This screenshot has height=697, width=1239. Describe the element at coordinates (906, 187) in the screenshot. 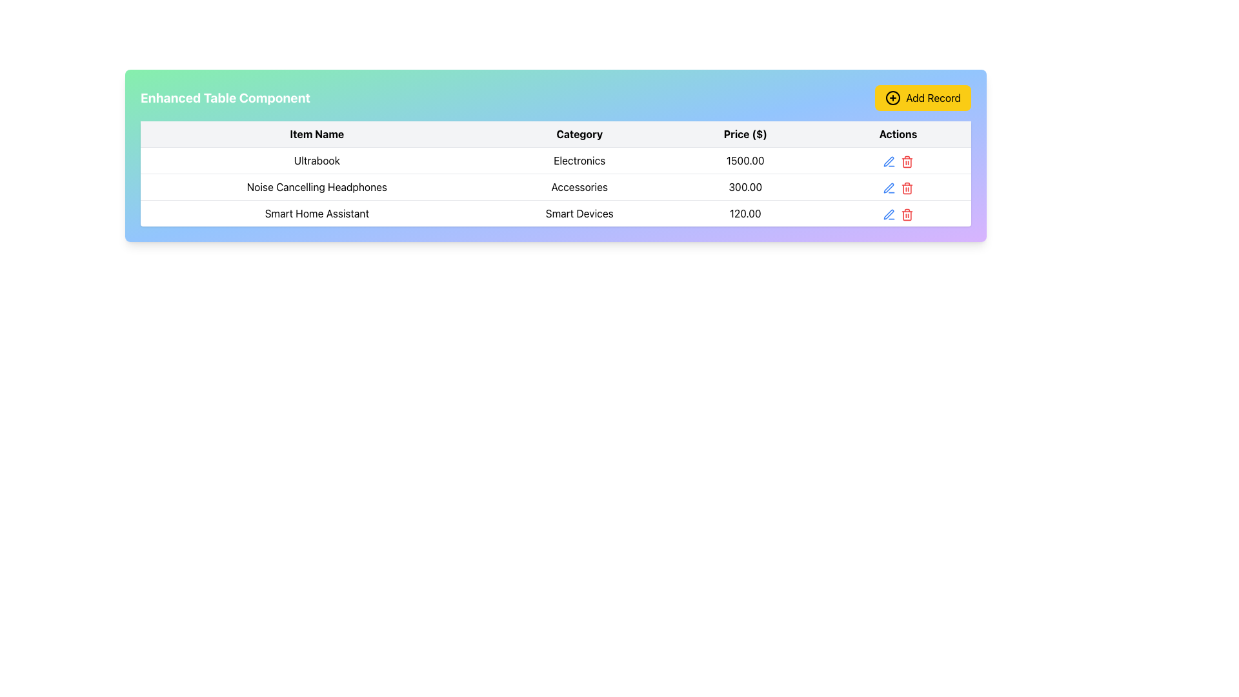

I see `the delete action icon in the 'Actions' column of the second row of the table` at that location.